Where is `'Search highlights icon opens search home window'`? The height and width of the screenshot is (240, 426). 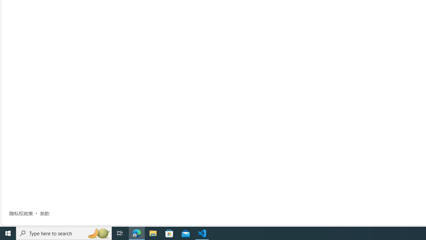
'Search highlights icon opens search home window' is located at coordinates (98, 233).